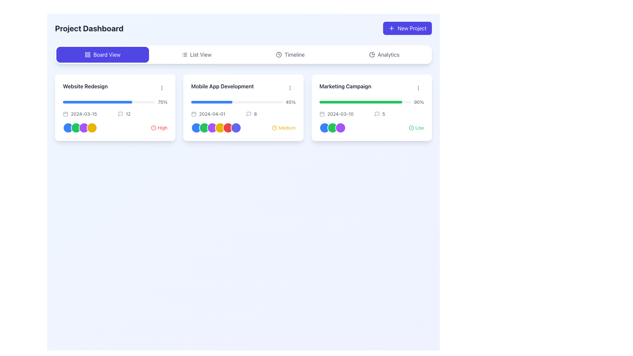  Describe the element at coordinates (345, 86) in the screenshot. I see `the text label reading 'Marketing Campaign' located in the top-left corner of the rightmost card in a set of three cards` at that location.